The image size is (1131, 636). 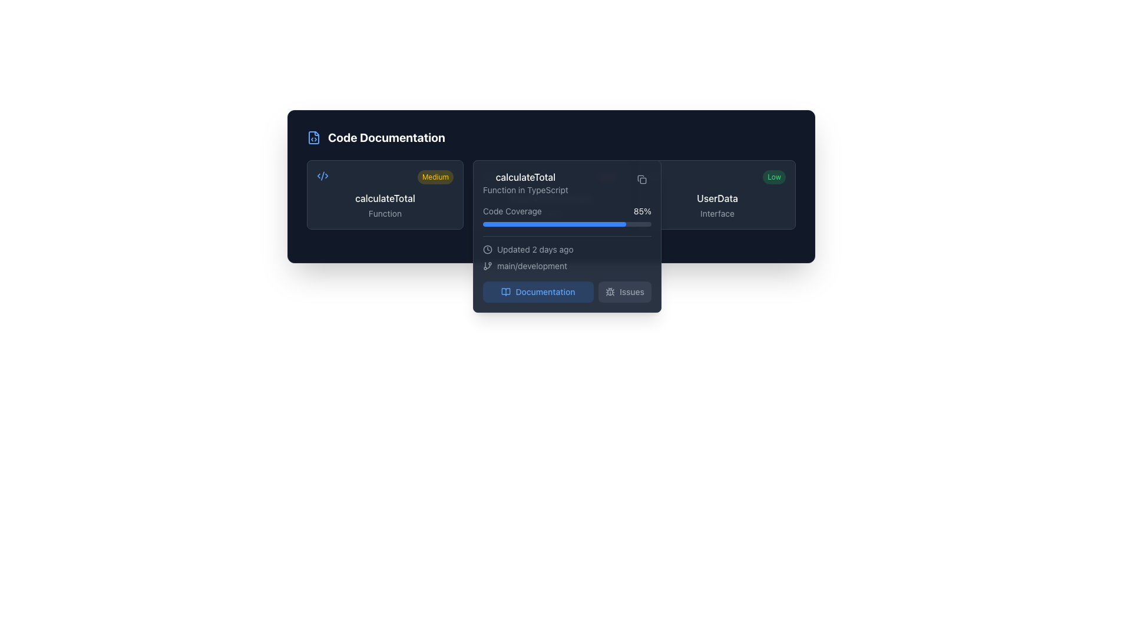 What do you see at coordinates (624, 291) in the screenshot?
I see `the 'Issues' button, which is a rectangular button with rounded corners and a dark gray background, located on the right side of the row next to the 'Documentation' button` at bounding box center [624, 291].